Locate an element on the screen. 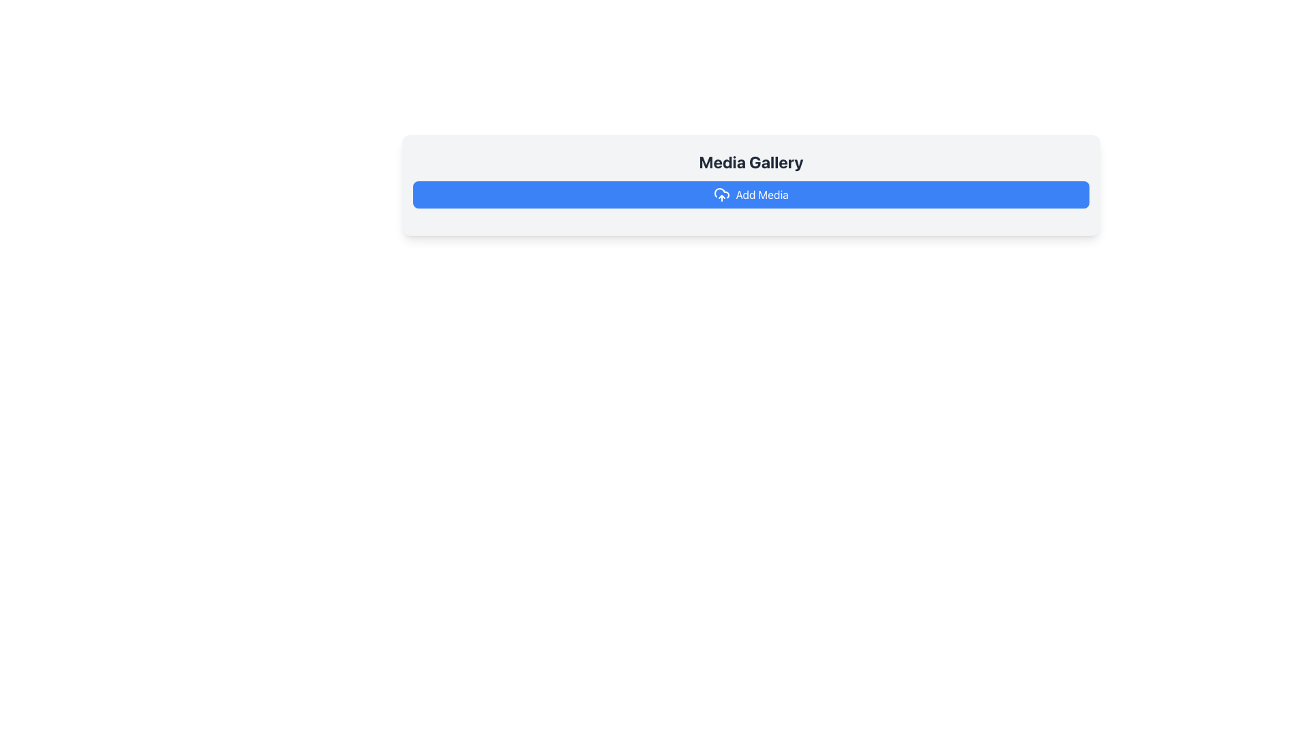  the 'Add Media' button located in the 'Media Gallery' section header area, which is visually represented by a light gray rounded box containing the button is located at coordinates (751, 179).